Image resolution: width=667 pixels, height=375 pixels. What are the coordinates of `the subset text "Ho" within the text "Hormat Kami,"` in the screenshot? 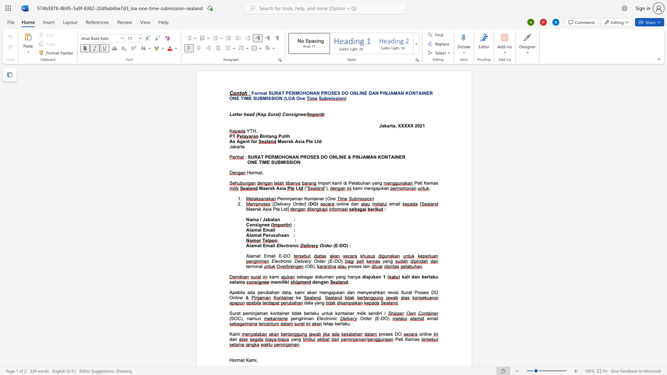 It's located at (229, 360).